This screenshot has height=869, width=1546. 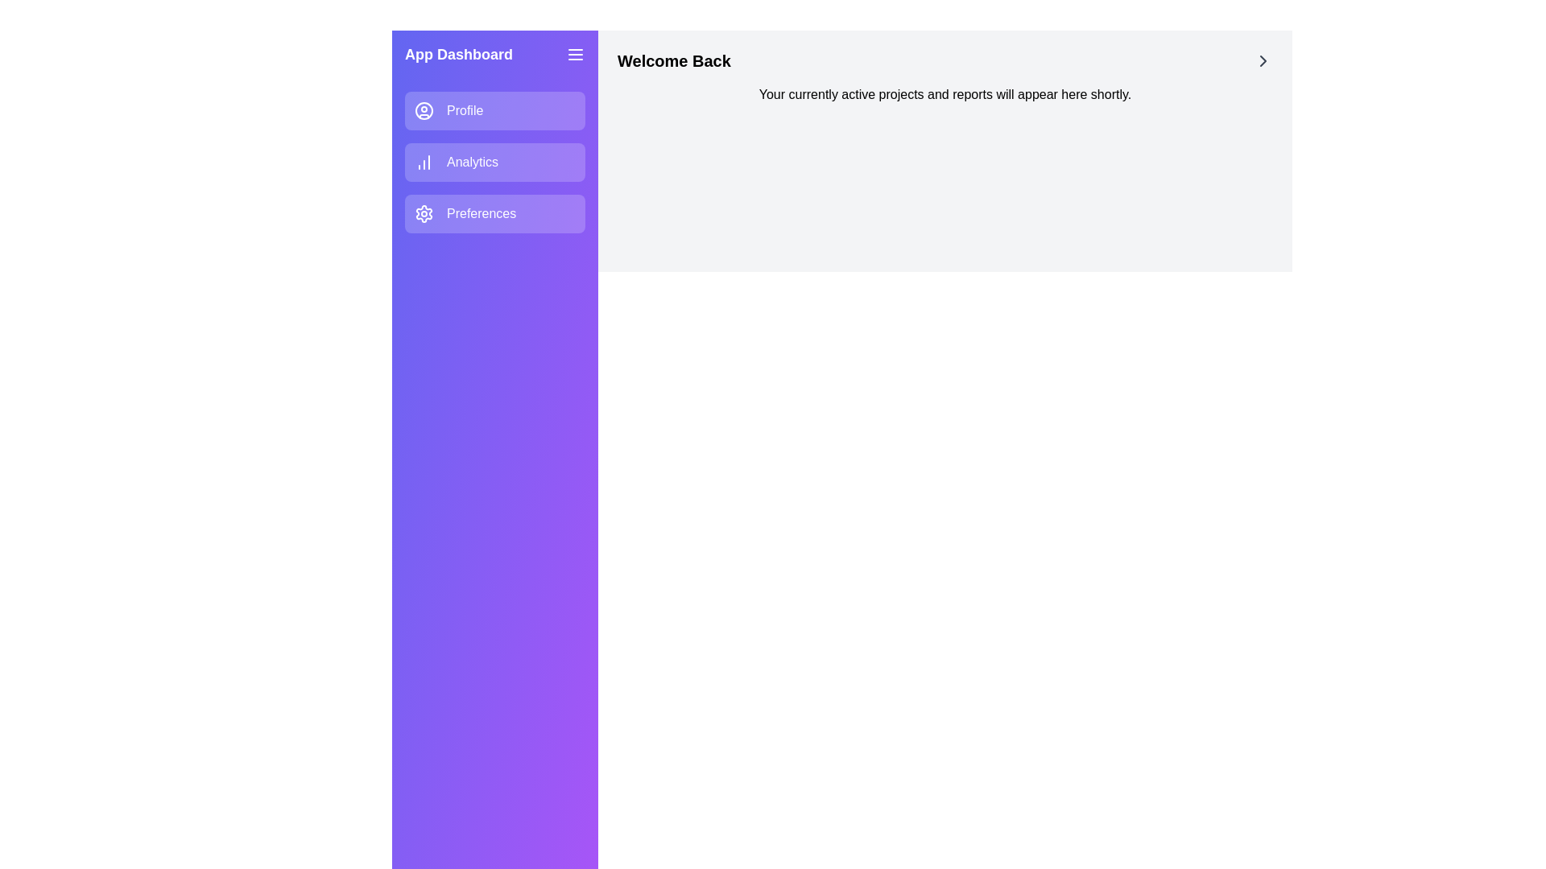 I want to click on the navigation item labeled Preferences to navigate to its section, so click(x=494, y=213).